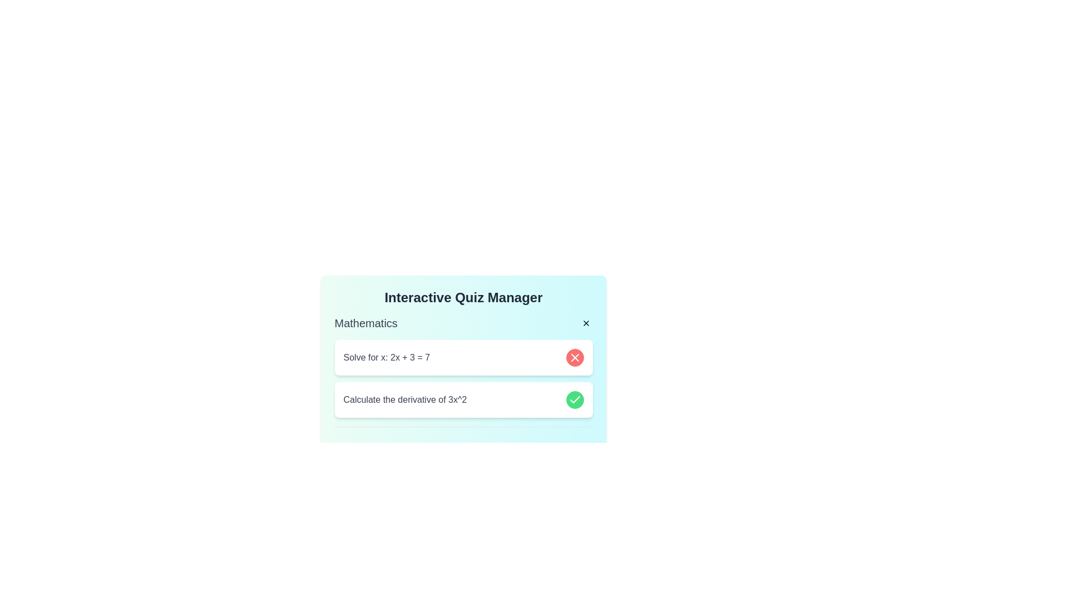  I want to click on the 'Mathematics' Text Label, which serves as a title for the section, located directly beneath the 'Interactive Quiz Manager' heading, so click(366, 323).